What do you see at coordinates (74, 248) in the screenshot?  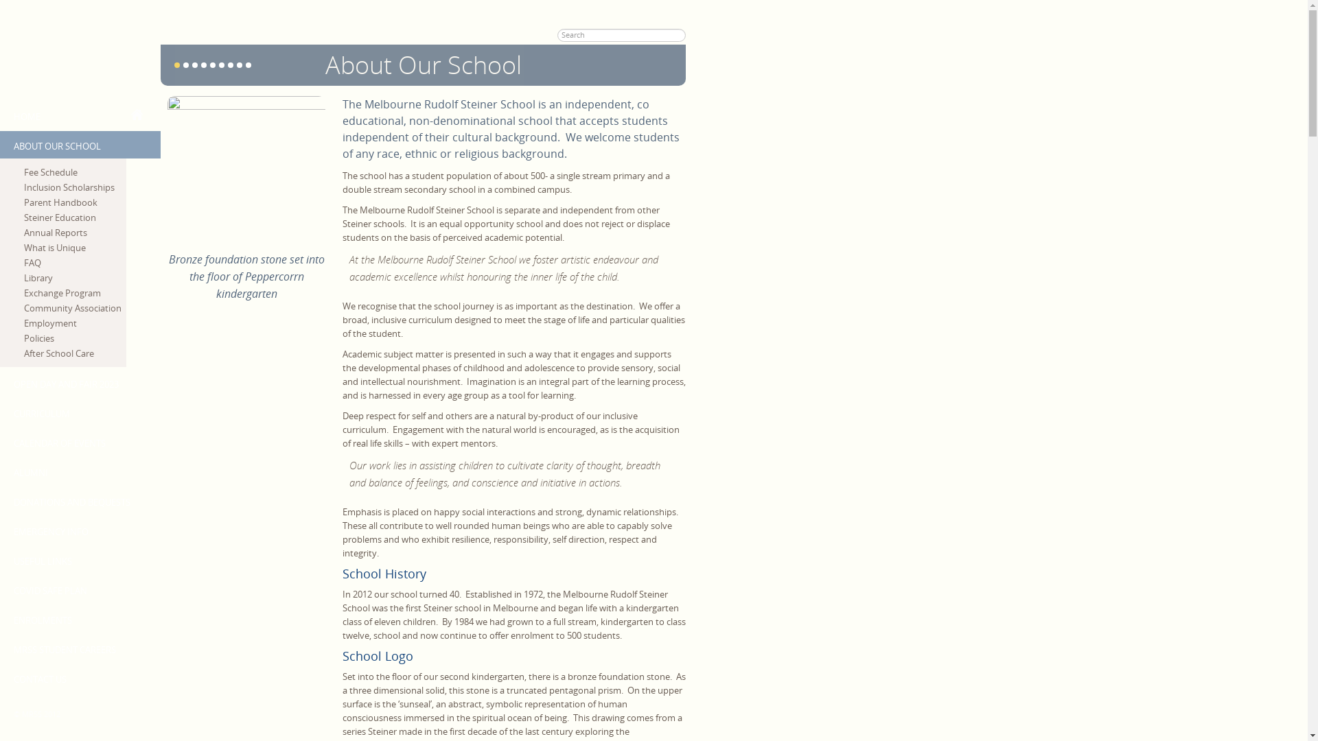 I see `'What is Unique'` at bounding box center [74, 248].